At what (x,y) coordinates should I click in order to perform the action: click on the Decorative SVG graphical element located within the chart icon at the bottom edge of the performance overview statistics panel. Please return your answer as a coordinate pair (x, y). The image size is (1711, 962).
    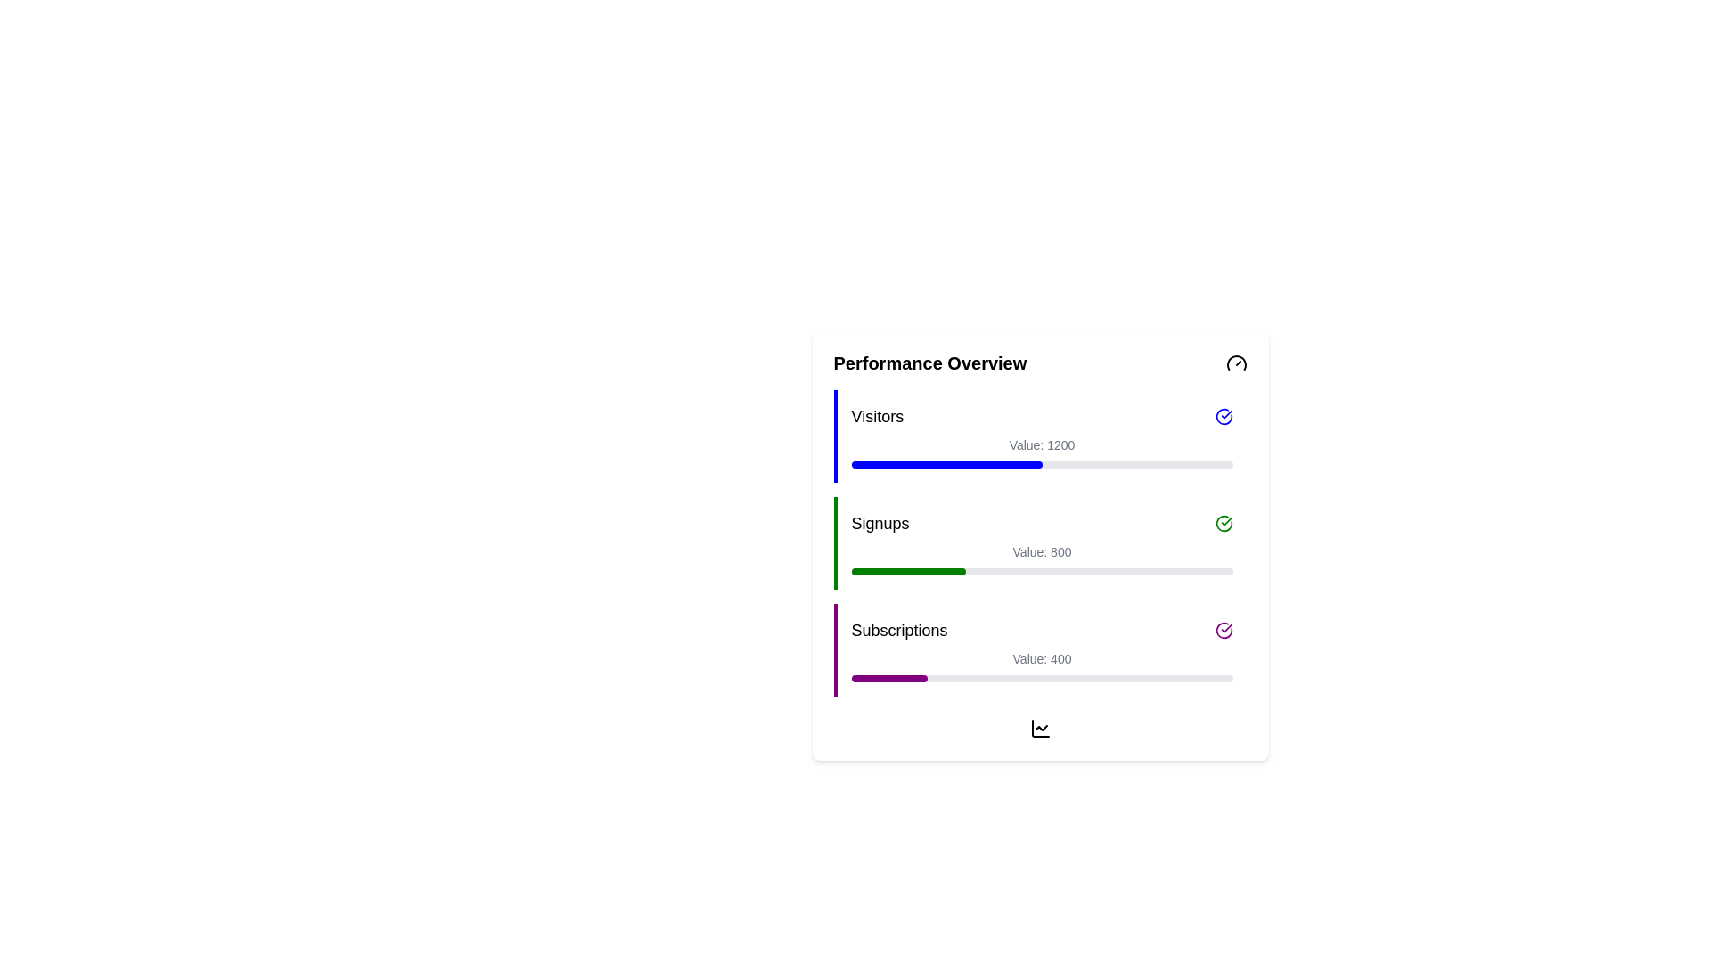
    Looking at the image, I should click on (1040, 728).